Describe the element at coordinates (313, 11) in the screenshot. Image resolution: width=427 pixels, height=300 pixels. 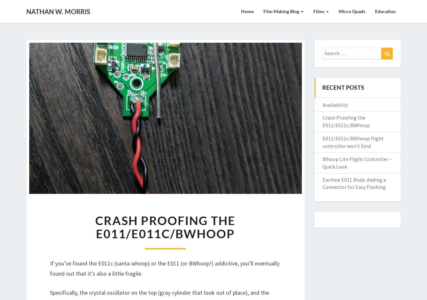
I see `'Films'` at that location.